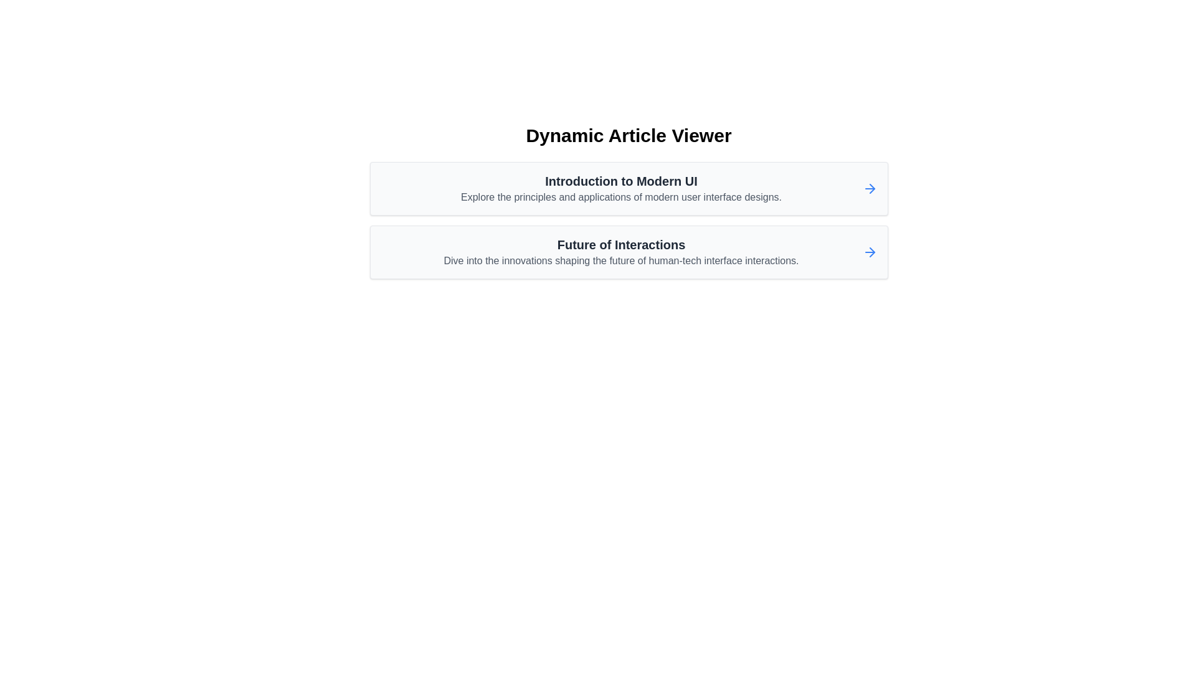 This screenshot has height=673, width=1196. Describe the element at coordinates (621, 245) in the screenshot. I see `text content of the title element for the section introducing 'Future of Interactions', which is located below the section heading 'Introduction to Modern UI'` at that location.